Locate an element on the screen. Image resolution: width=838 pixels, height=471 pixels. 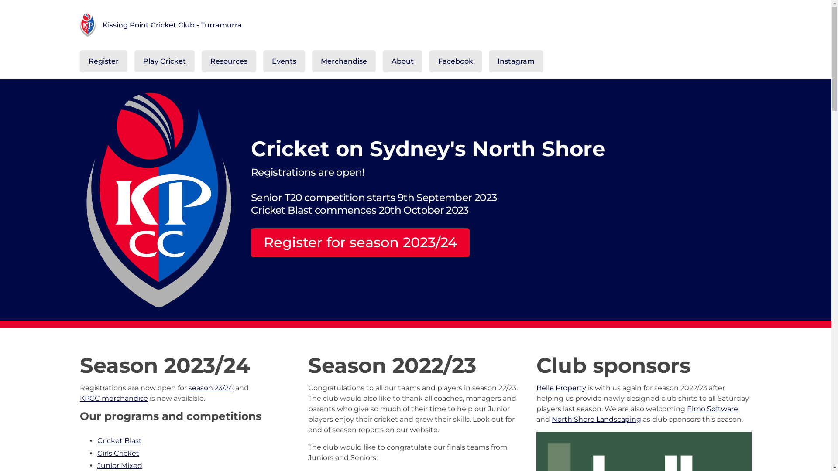
'About' is located at coordinates (402, 61).